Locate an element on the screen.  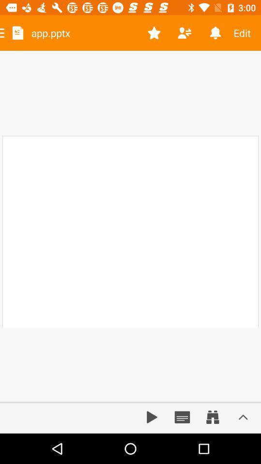
to favorites is located at coordinates (154, 33).